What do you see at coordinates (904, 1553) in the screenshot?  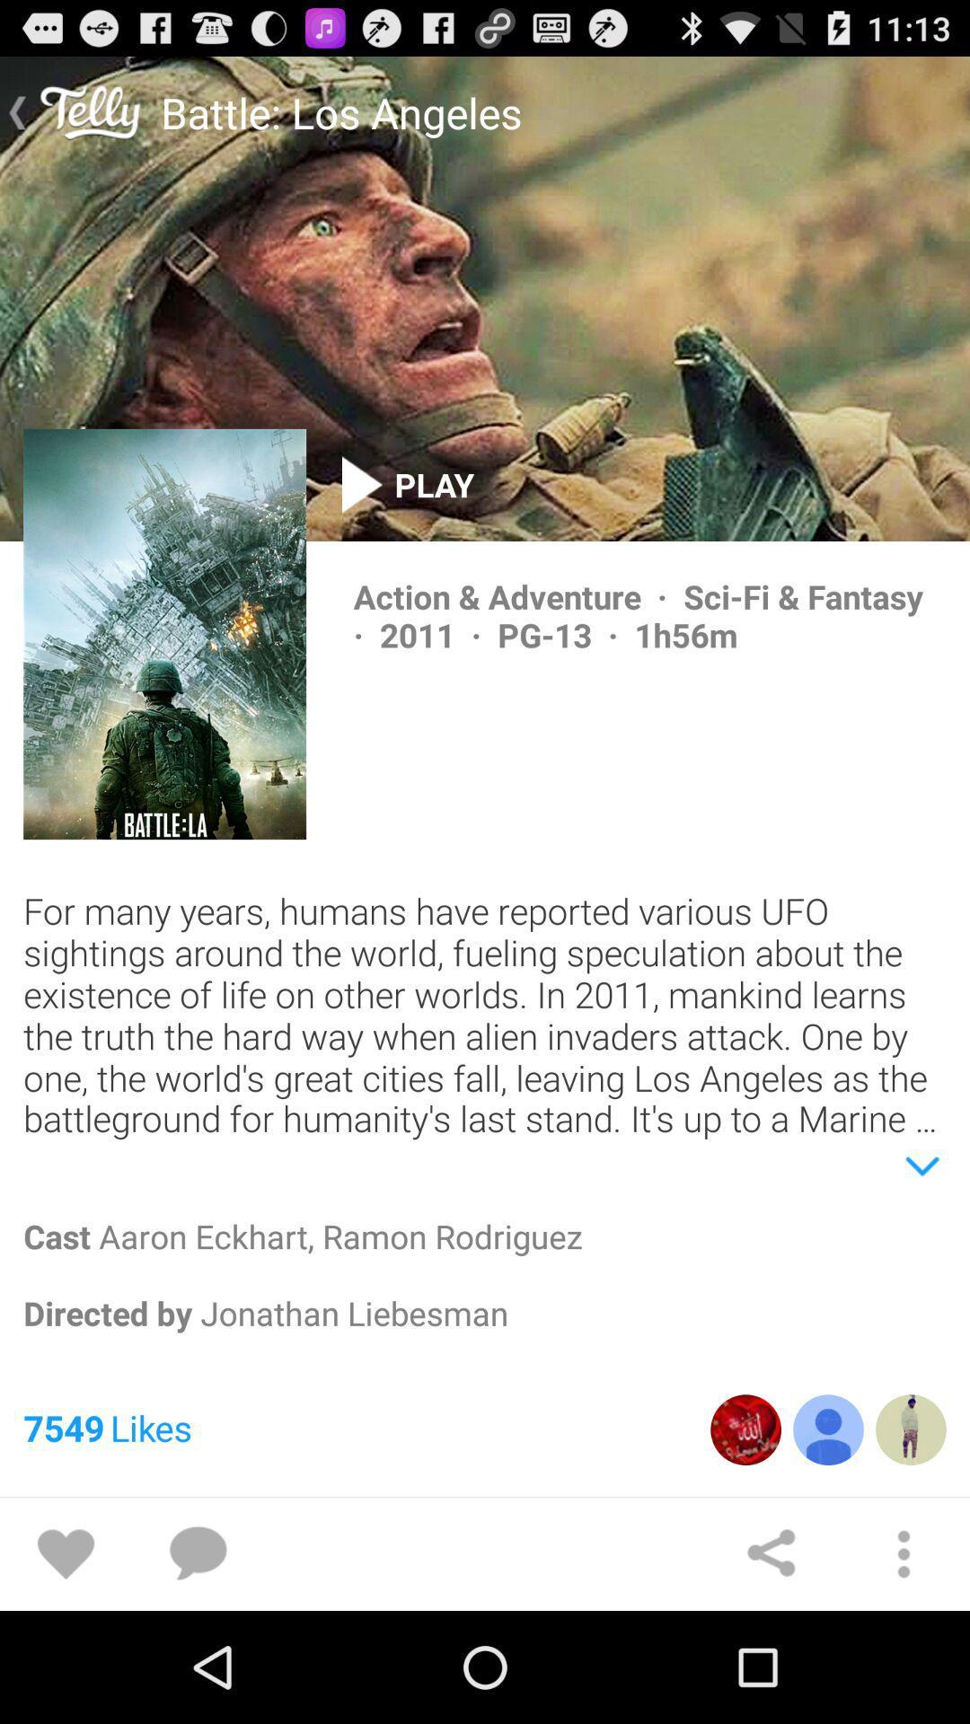 I see `search option` at bounding box center [904, 1553].